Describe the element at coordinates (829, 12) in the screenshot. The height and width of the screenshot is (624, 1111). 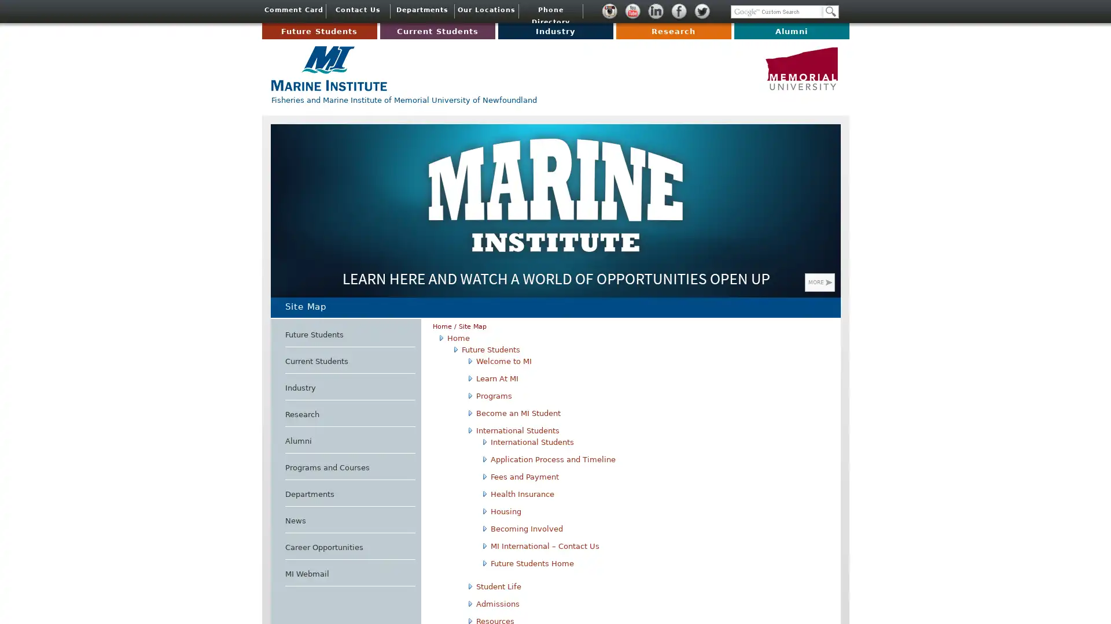
I see `Search` at that location.